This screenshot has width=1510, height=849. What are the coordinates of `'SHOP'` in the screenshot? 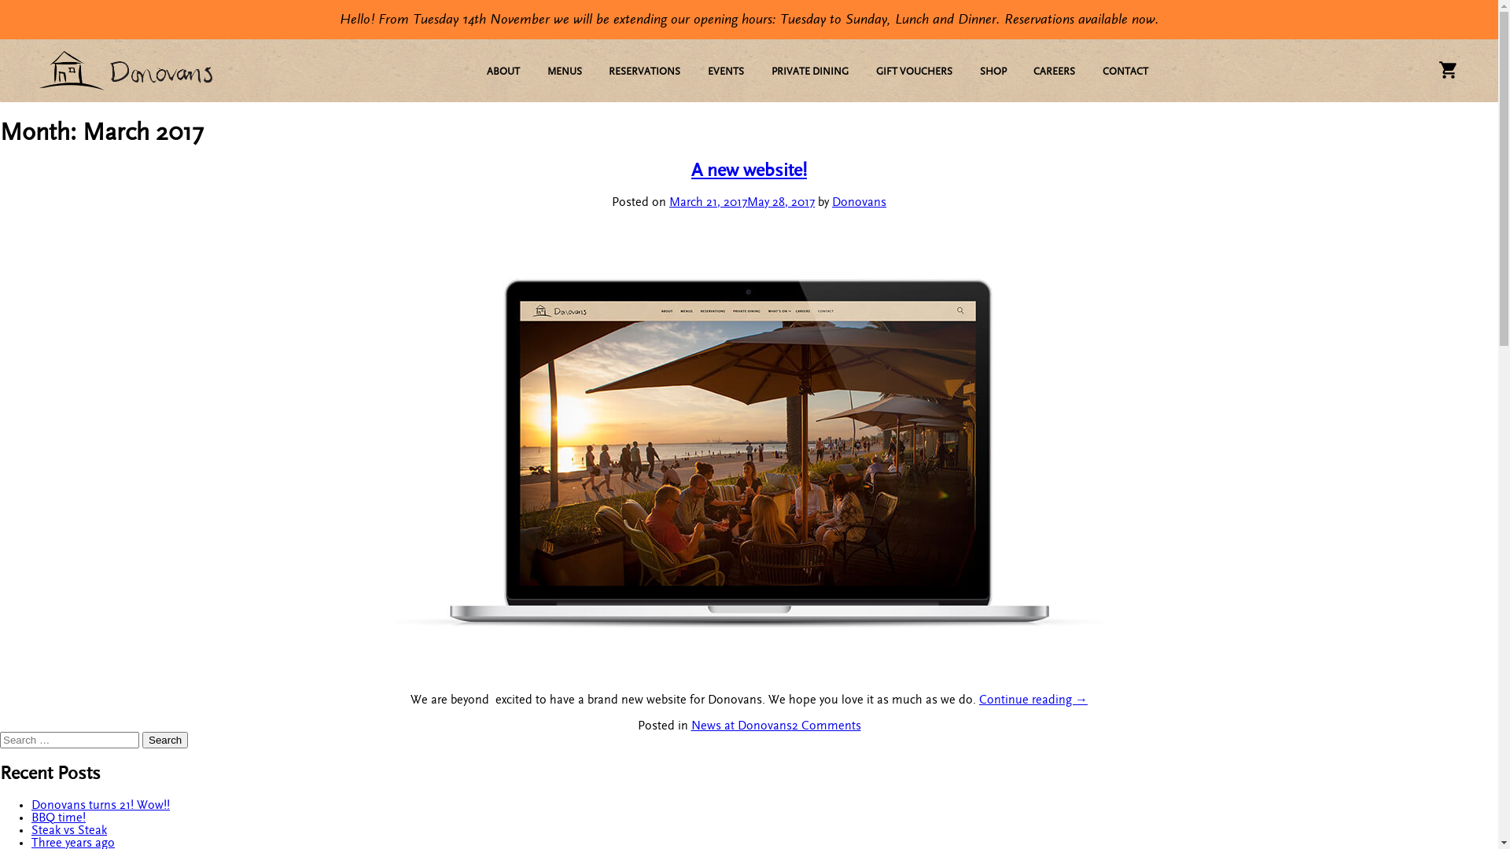 It's located at (992, 72).